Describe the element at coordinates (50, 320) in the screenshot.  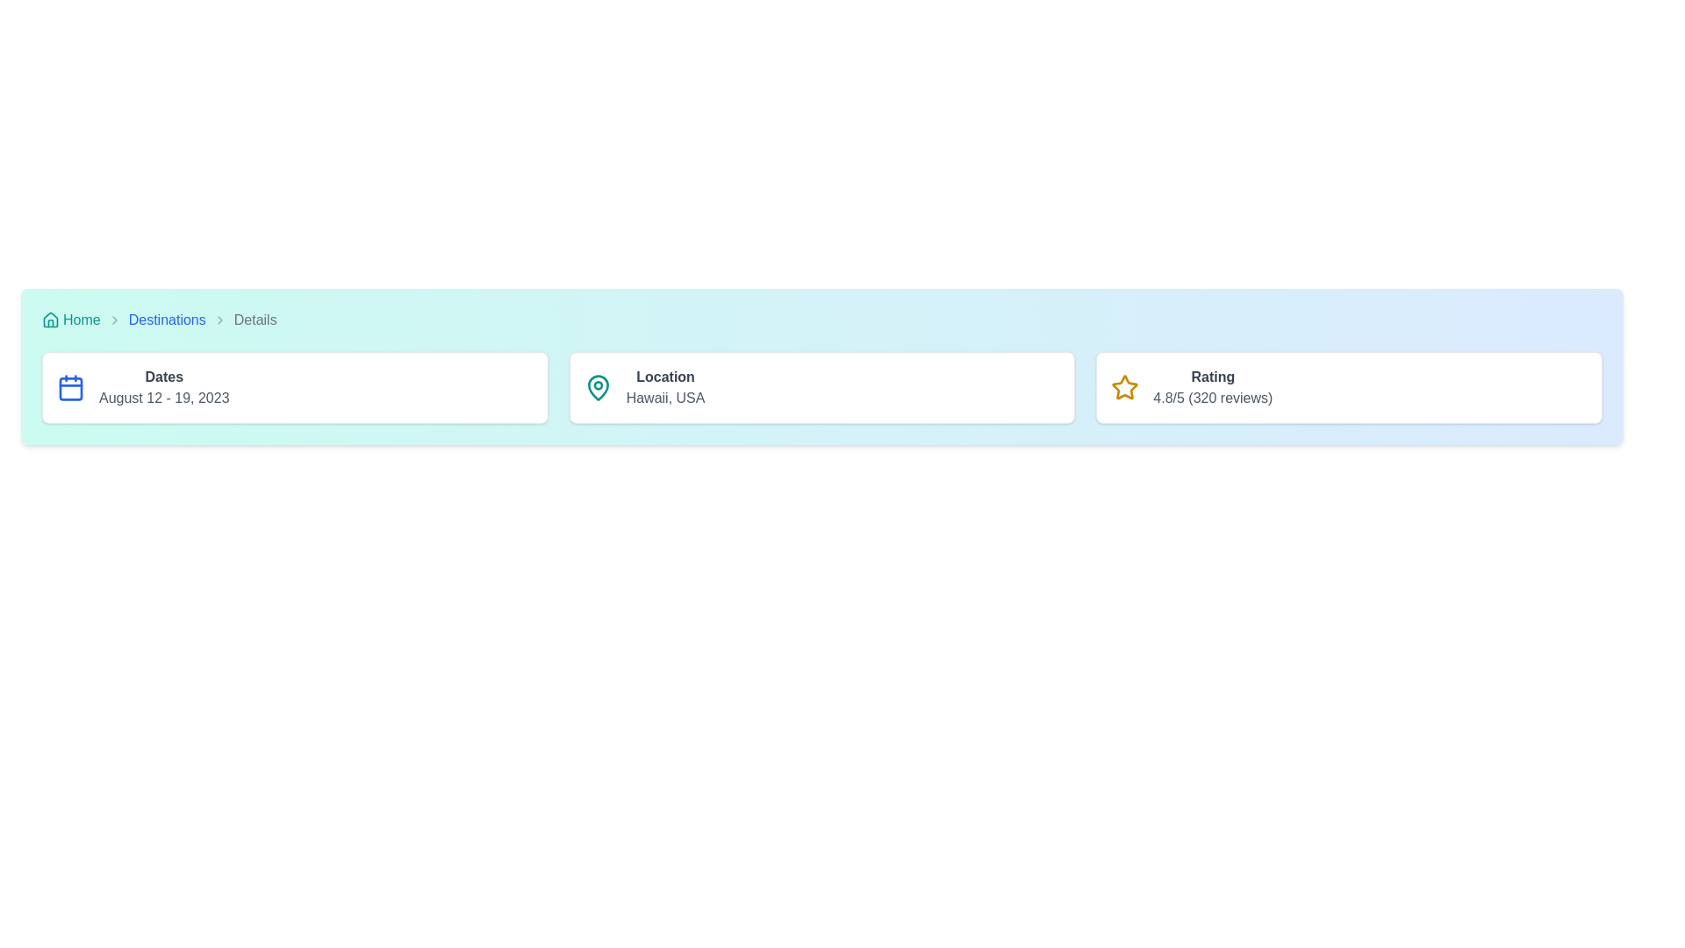
I see `the stylized house icon, which is a minimalist outline design filled with teal color, located to the left of the text 'Home' in the navigation bar` at that location.